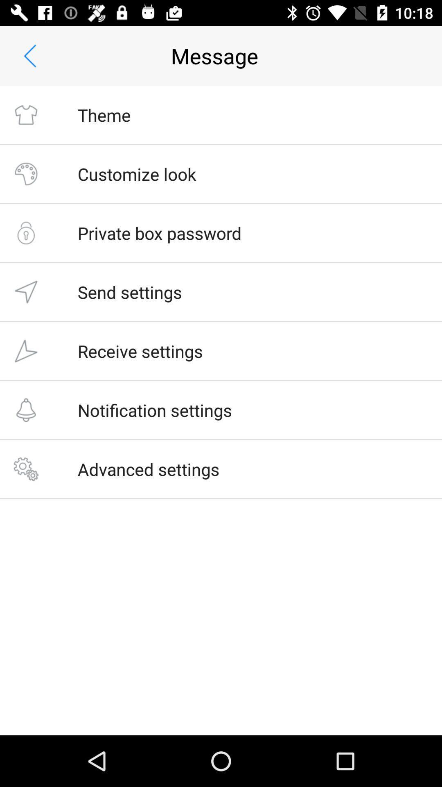 Image resolution: width=442 pixels, height=787 pixels. I want to click on the icon which is left to advanced settings, so click(25, 469).